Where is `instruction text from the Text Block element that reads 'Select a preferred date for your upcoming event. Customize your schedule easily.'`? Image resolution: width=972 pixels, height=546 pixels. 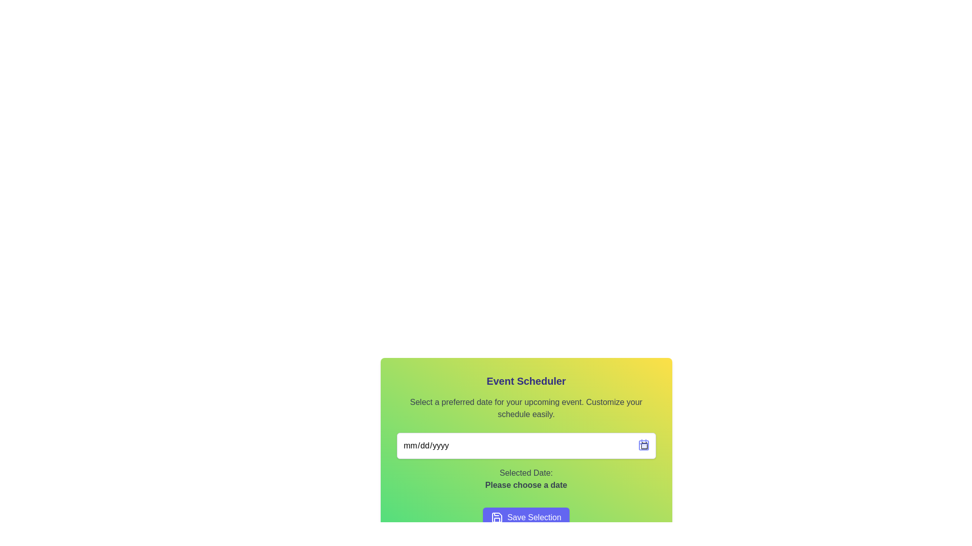 instruction text from the Text Block element that reads 'Select a preferred date for your upcoming event. Customize your schedule easily.' is located at coordinates (526, 407).